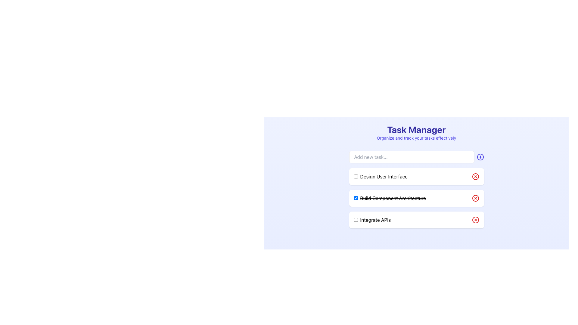 The width and height of the screenshot is (578, 325). I want to click on the checkbox of the task item titled 'Design User Interface' to mark it as completed, so click(416, 176).